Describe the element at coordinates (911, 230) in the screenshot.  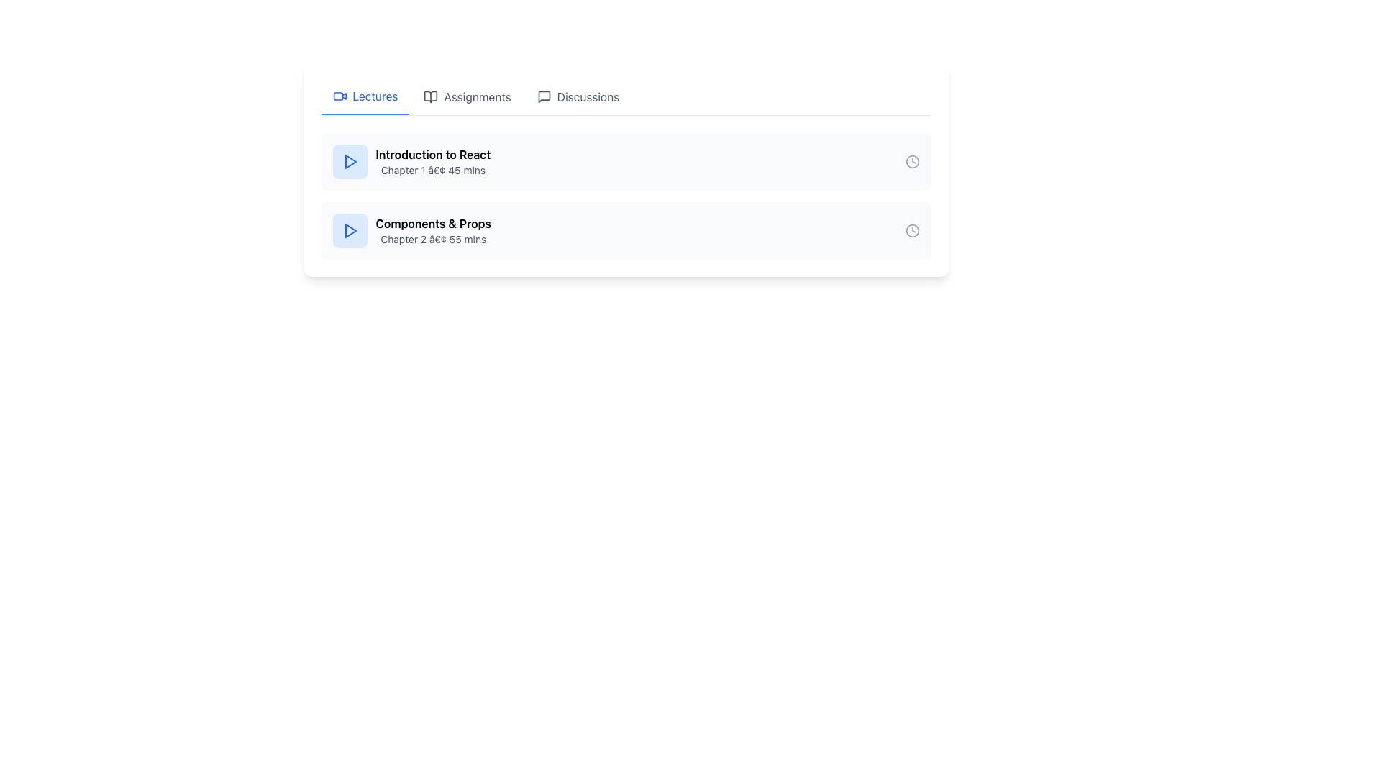
I see `the SVG Circle element that serves as part of the clock icon, located near the right side of the 'Introduction to React' item in the list` at that location.